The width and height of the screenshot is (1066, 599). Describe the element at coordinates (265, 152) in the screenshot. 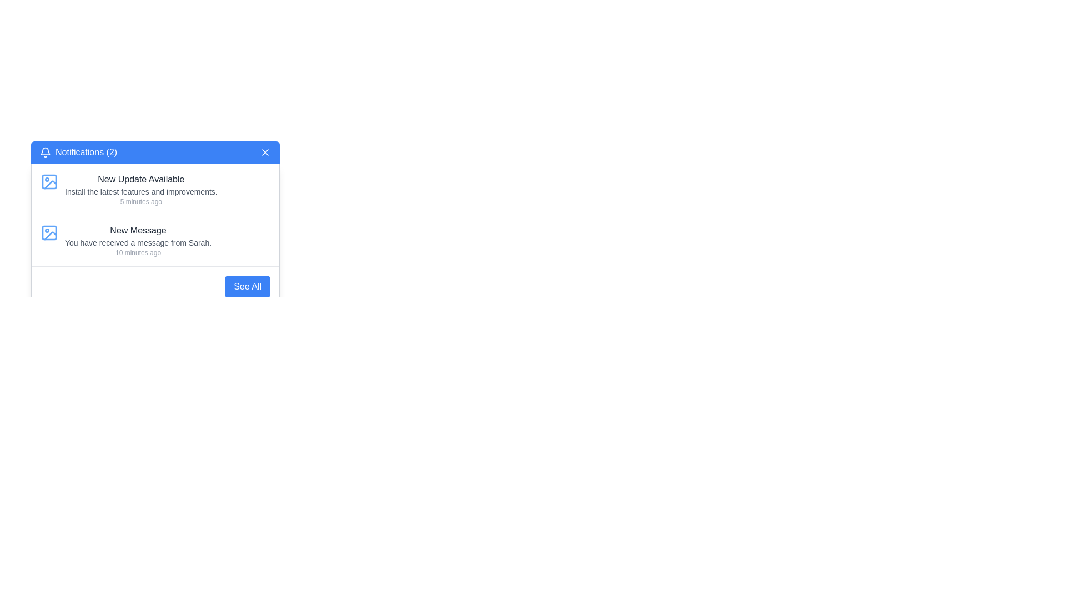

I see `the close button located at the top-right corner of the 'Notifications (2)' header bar to trigger tooltip or visual feedback` at that location.